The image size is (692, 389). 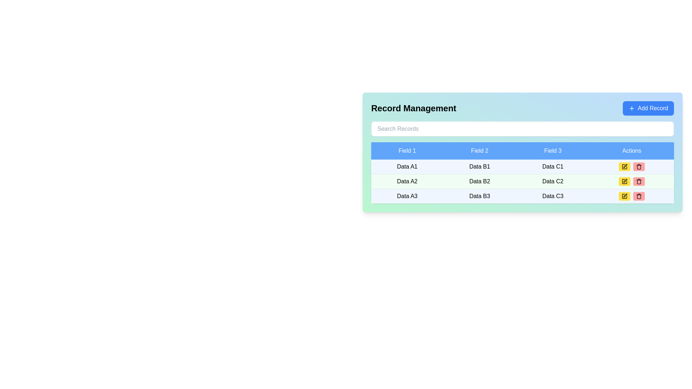 What do you see at coordinates (553, 151) in the screenshot?
I see `the blue rectangular header cell labeled 'Field 3' in the table, which is the third header cell in the top section of the table` at bounding box center [553, 151].